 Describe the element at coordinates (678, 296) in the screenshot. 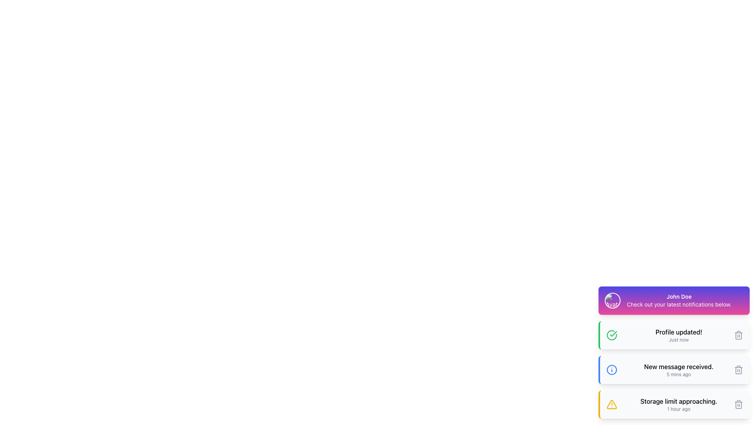

I see `the text label displaying 'John Doe' for additional options, located in the top-right corner of the notification card` at that location.